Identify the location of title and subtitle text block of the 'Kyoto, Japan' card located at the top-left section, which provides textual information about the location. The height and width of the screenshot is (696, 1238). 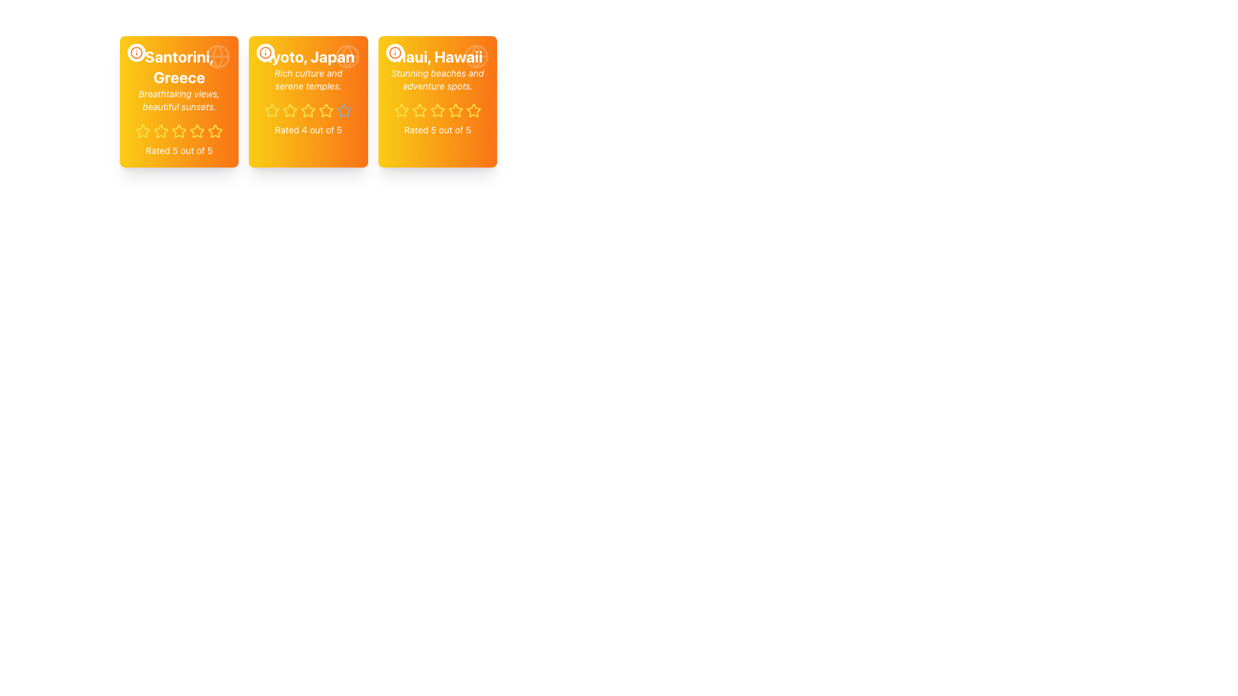
(308, 70).